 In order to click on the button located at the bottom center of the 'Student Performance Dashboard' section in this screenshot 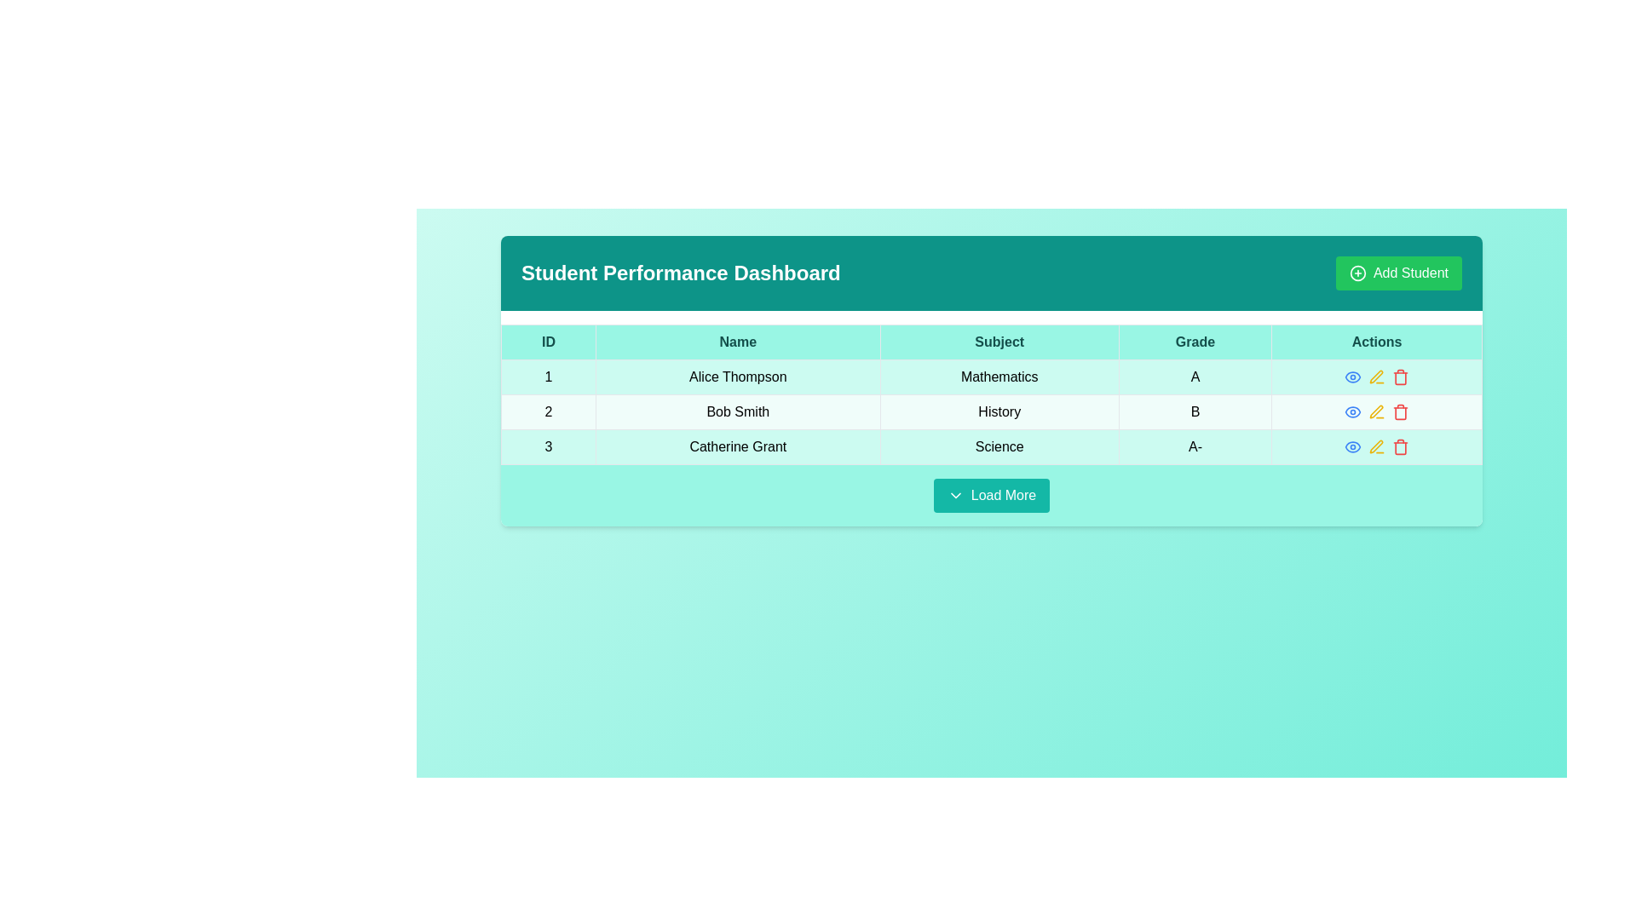, I will do `click(991, 496)`.